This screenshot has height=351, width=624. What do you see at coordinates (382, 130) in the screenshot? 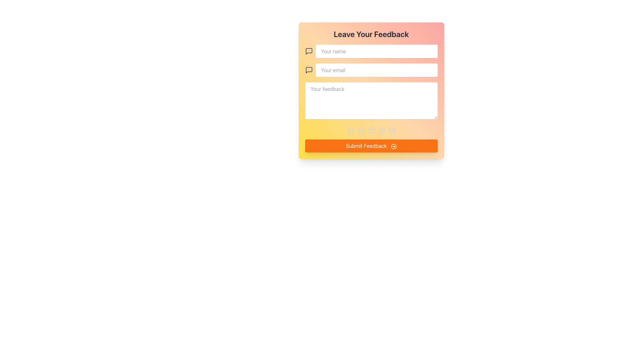
I see `the third star icon in the feedback form to set the rating` at bounding box center [382, 130].